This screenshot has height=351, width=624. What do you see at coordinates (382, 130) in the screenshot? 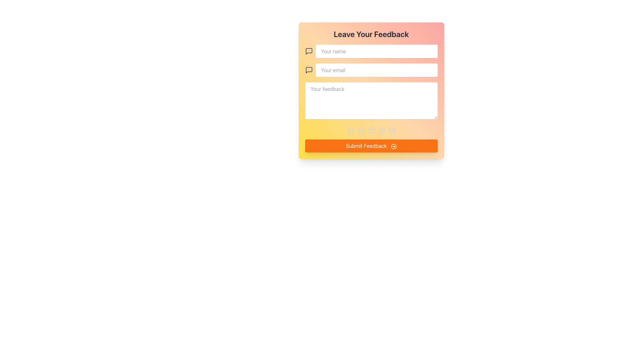
I see `the third star icon in the feedback form to set the rating` at bounding box center [382, 130].